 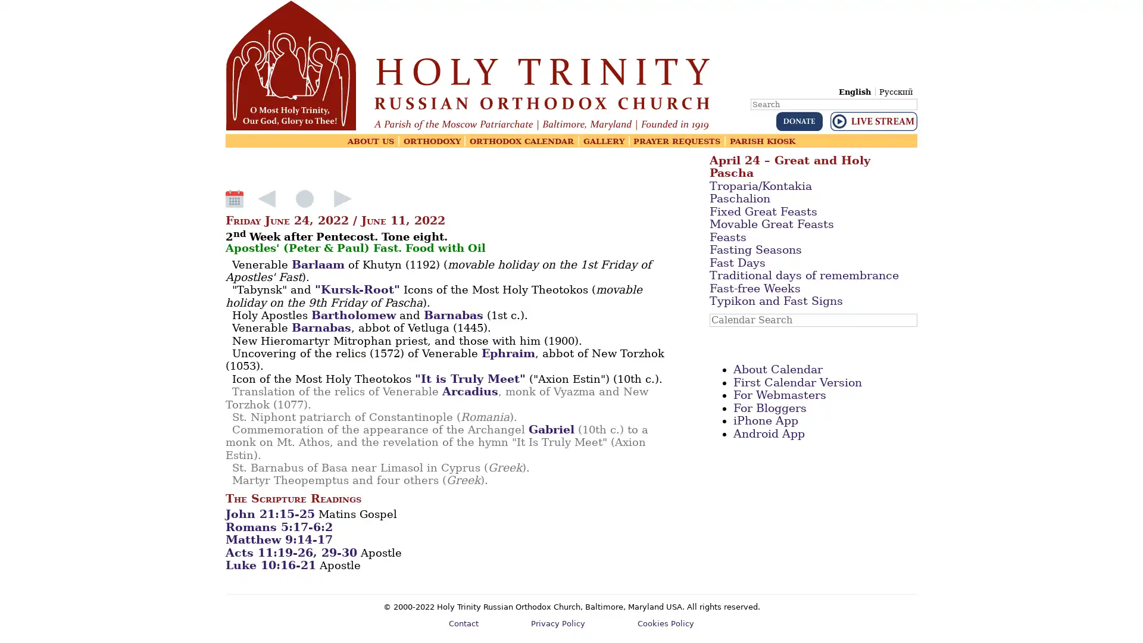 I want to click on Search, so click(x=916, y=95).